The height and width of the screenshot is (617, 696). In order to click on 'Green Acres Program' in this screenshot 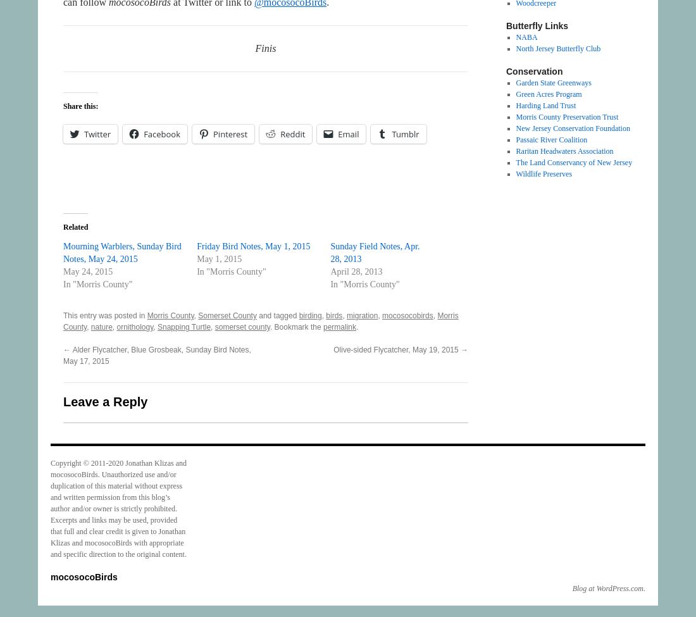, I will do `click(548, 93)`.